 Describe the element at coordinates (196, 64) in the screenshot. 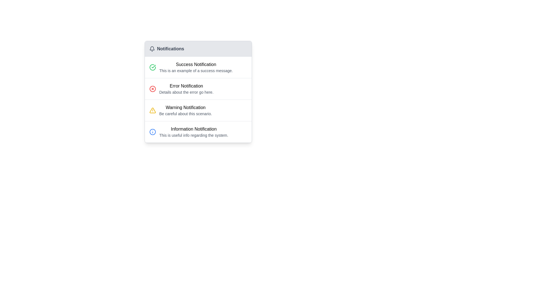

I see `the 'Success Notification' text label, which is the title of the first notification in the notification card` at that location.